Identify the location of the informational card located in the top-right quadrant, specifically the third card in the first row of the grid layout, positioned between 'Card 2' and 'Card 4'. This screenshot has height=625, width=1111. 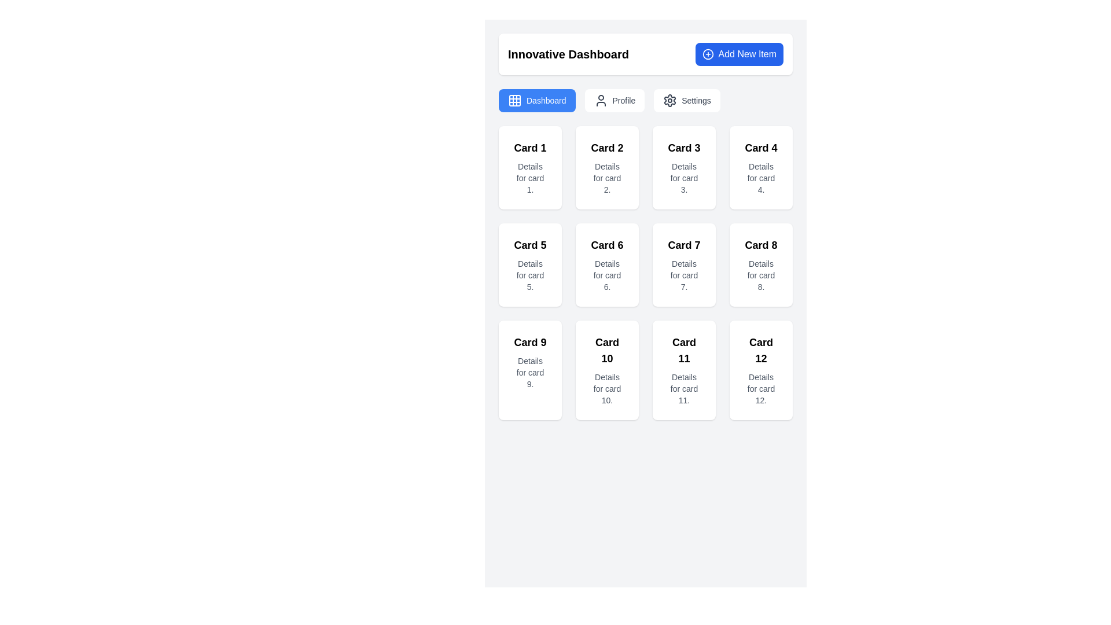
(684, 167).